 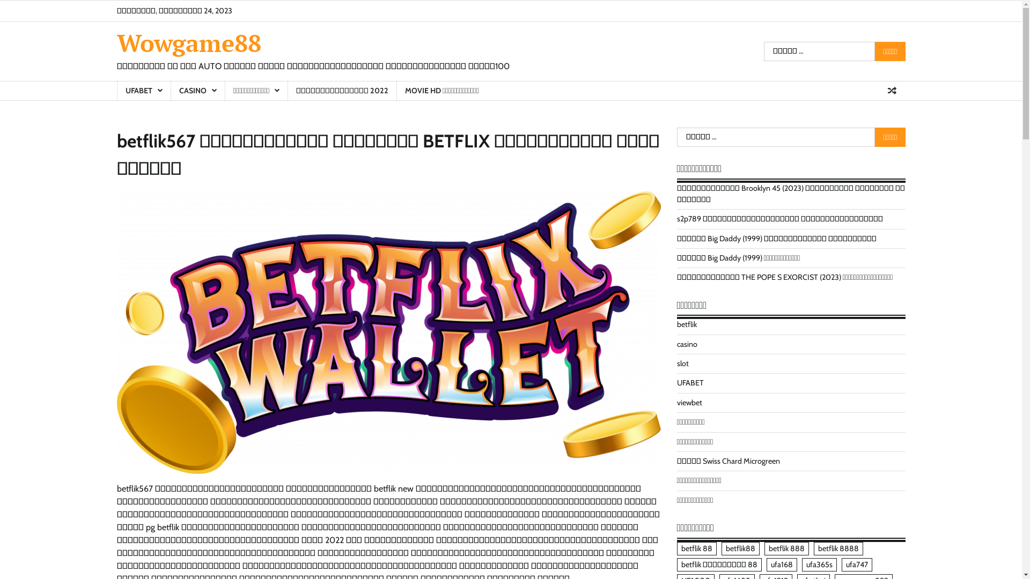 I want to click on 'viewbet', so click(x=689, y=403).